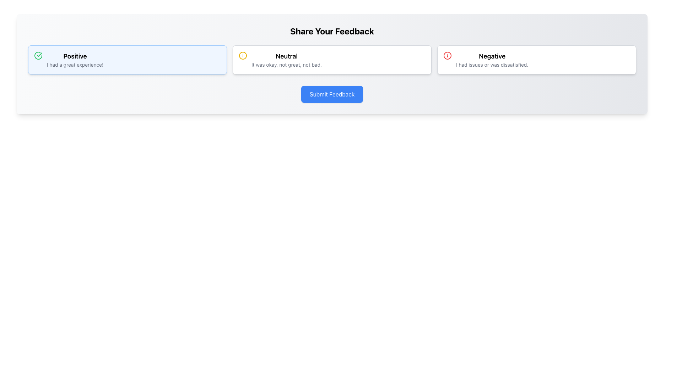 This screenshot has width=682, height=383. Describe the element at coordinates (75, 65) in the screenshot. I see `the text label that says 'I had a great experience!', which is styled with a small, gray font and located directly below the title 'Positive'` at that location.